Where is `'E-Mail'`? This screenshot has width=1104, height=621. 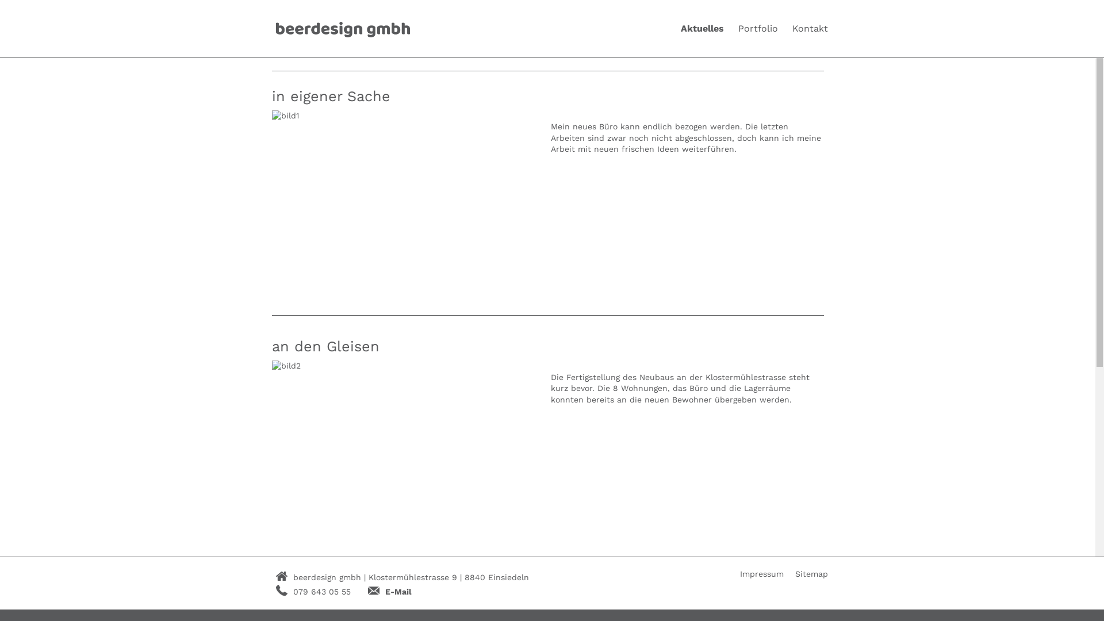 'E-Mail' is located at coordinates (398, 592).